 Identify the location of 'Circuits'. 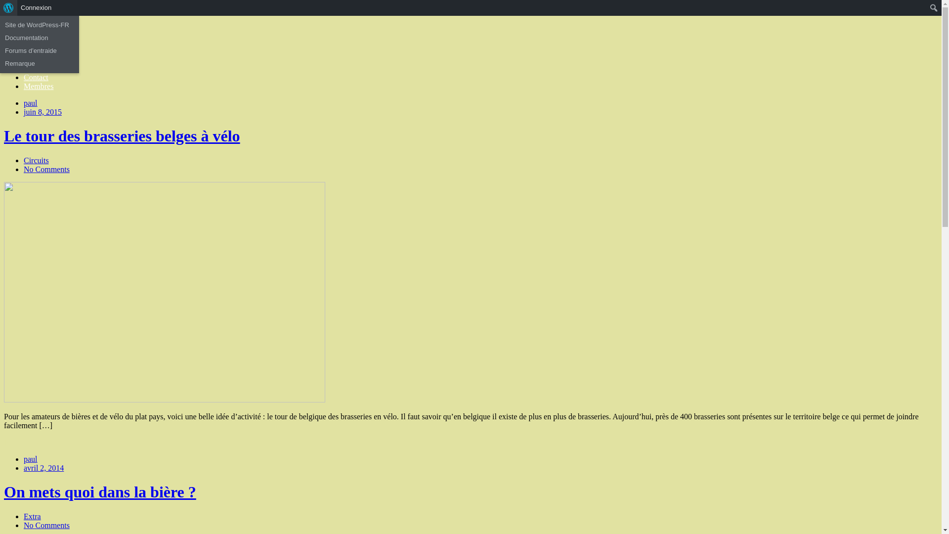
(36, 160).